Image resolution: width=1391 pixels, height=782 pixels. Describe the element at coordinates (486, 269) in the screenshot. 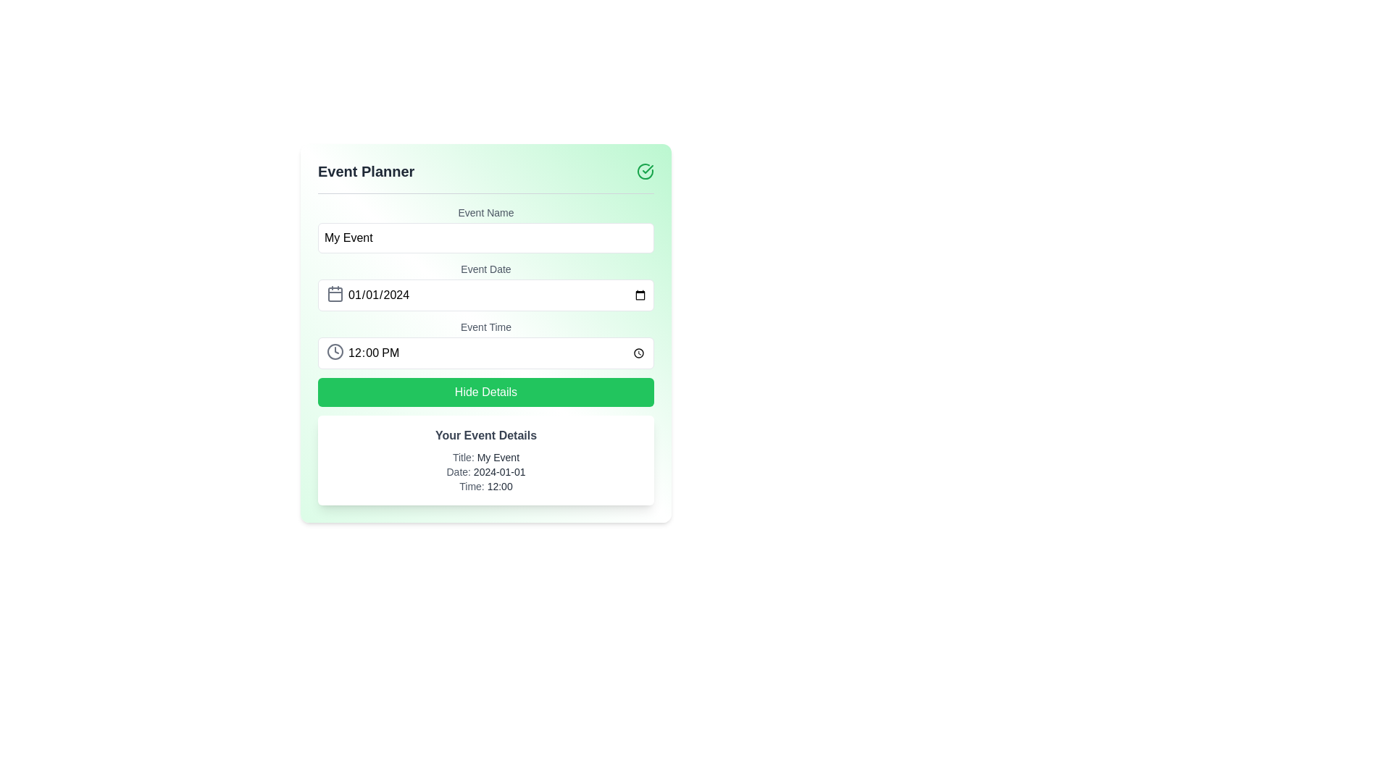

I see `the 'Event Date' static text label, which is a small gray text label positioned above the date input field in the second section of the form` at that location.